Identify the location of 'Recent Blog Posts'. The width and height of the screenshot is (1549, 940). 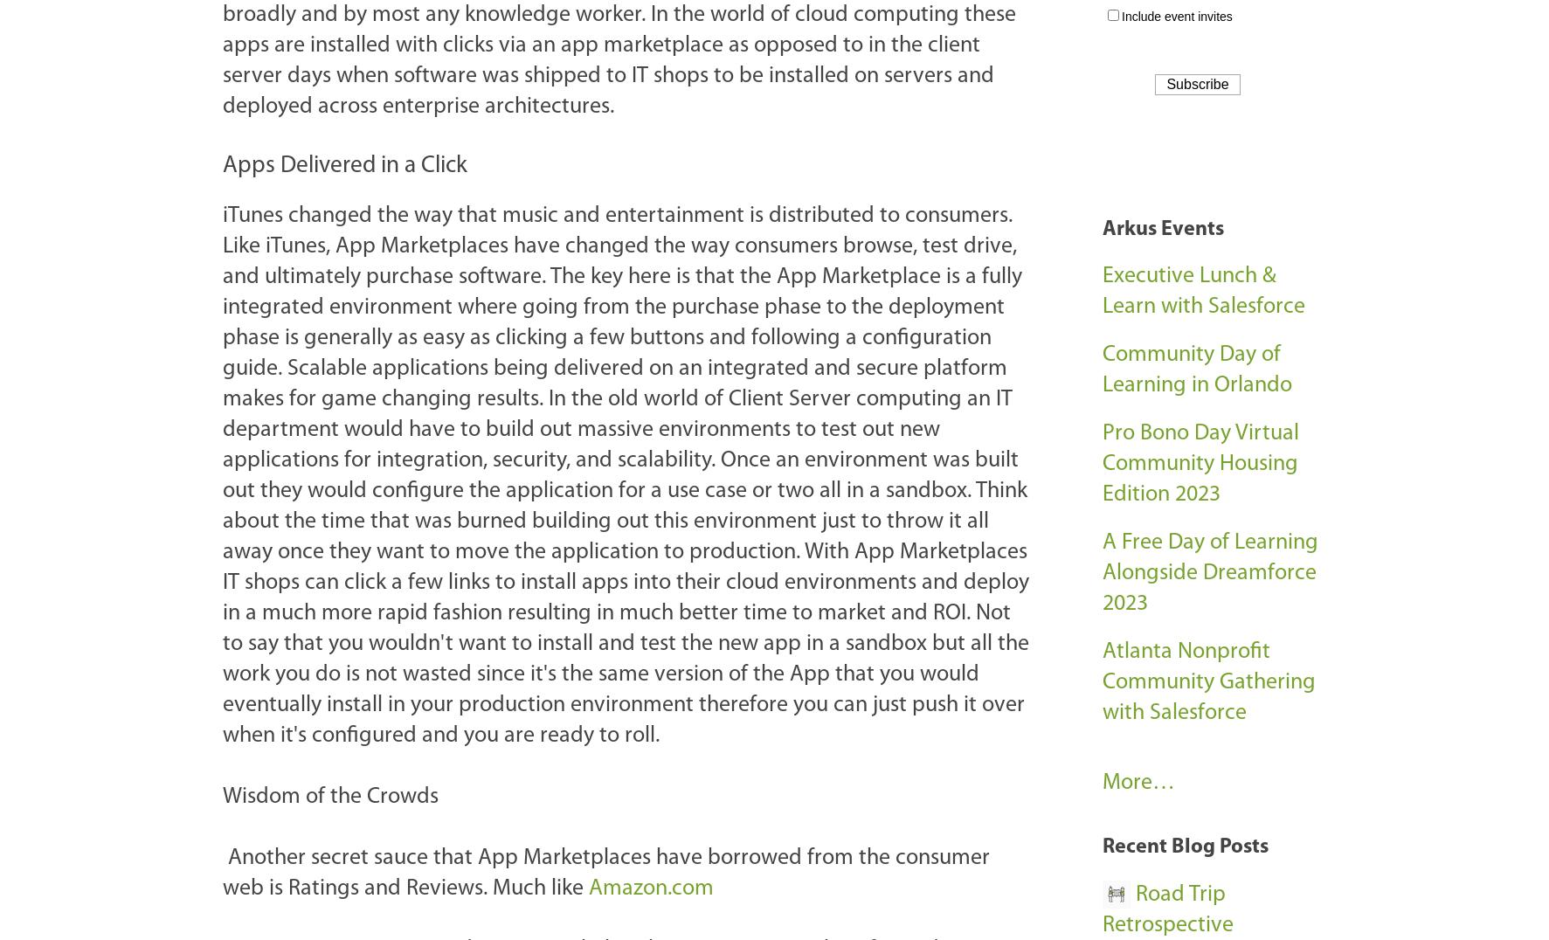
(1186, 847).